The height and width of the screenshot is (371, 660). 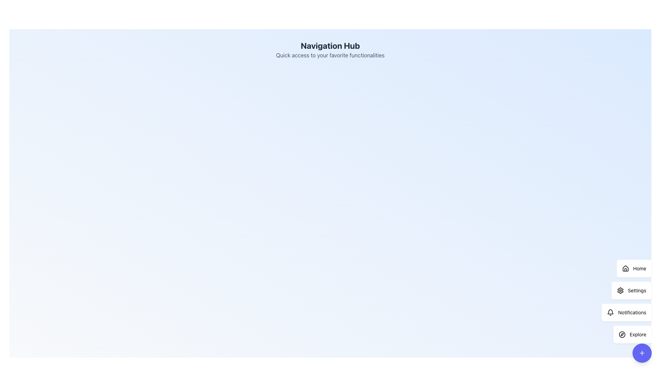 I want to click on the small, house-shaped icon in the vertical menu on the right side of the interface, which serves as the visual indicator for the 'Home' menu item, so click(x=625, y=268).